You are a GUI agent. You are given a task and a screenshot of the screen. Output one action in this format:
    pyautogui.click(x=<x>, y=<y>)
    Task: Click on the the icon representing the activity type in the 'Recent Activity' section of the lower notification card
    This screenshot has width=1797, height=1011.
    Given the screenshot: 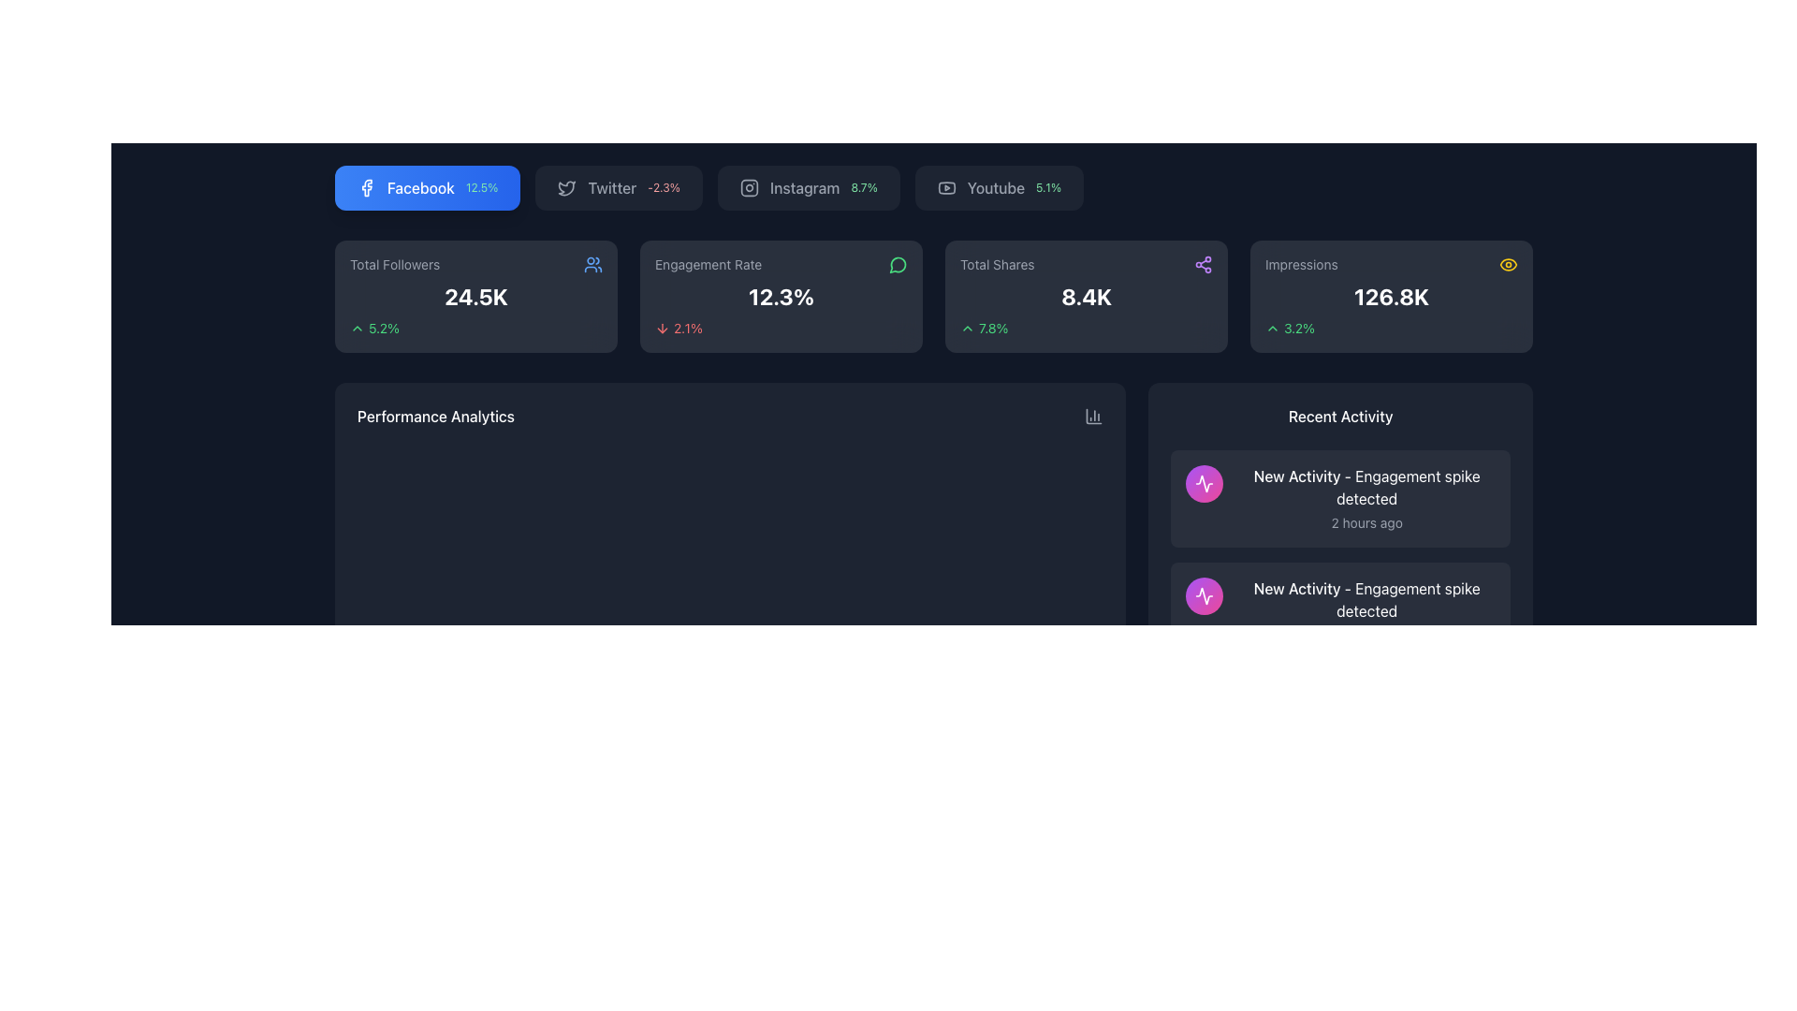 What is the action you would take?
    pyautogui.click(x=1205, y=482)
    